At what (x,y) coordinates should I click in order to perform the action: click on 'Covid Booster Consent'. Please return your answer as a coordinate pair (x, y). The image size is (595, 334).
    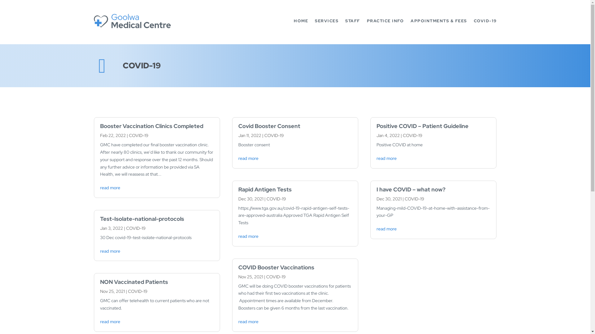
    Looking at the image, I should click on (269, 126).